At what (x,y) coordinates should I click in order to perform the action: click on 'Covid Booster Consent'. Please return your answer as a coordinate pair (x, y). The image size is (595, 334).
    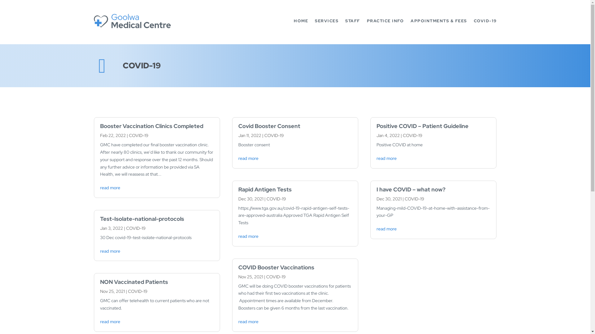
    Looking at the image, I should click on (269, 126).